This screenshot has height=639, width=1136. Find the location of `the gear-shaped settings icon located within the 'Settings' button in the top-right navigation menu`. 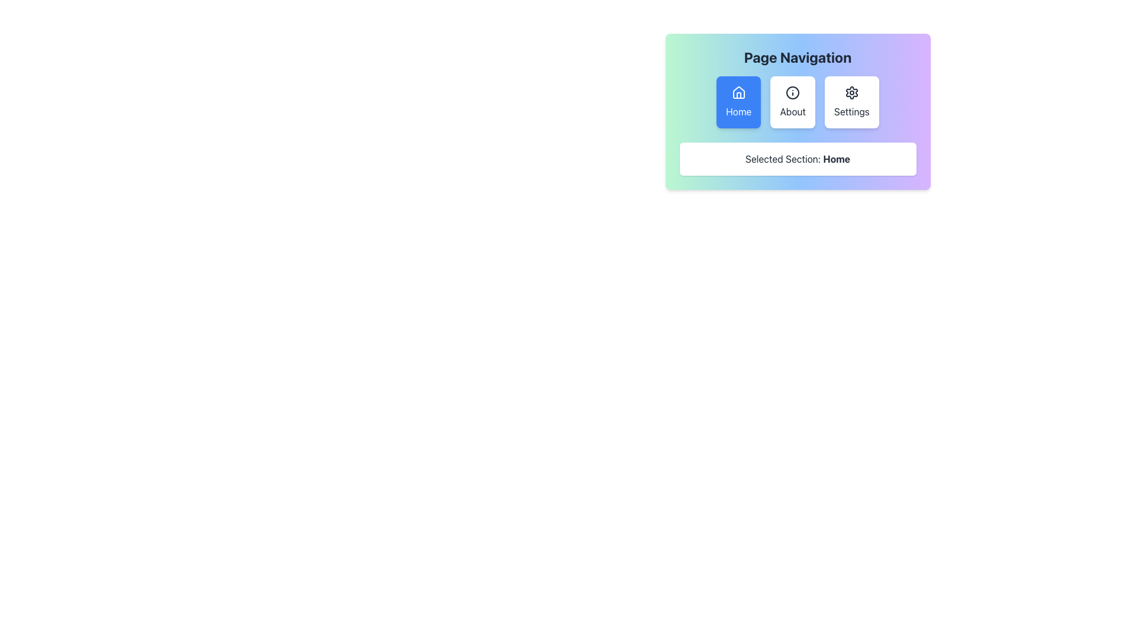

the gear-shaped settings icon located within the 'Settings' button in the top-right navigation menu is located at coordinates (851, 92).